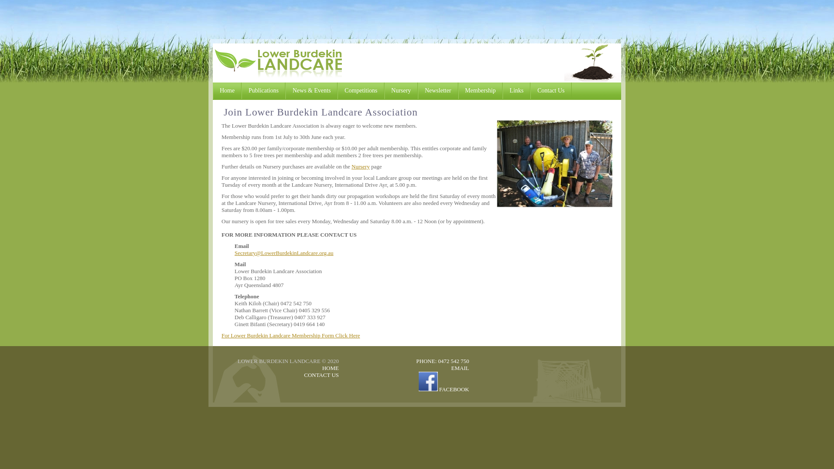 This screenshot has width=834, height=469. I want to click on 'Home', so click(227, 90).